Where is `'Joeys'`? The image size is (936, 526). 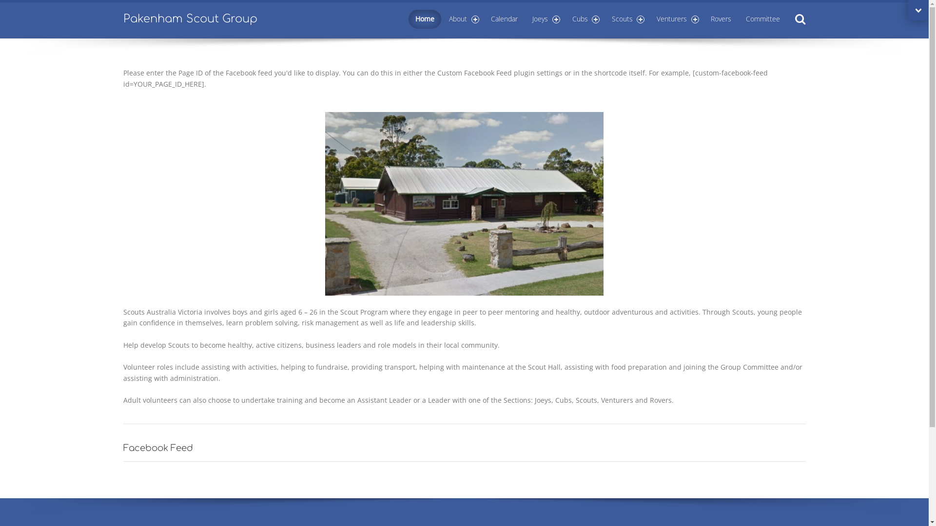 'Joeys' is located at coordinates (544, 19).